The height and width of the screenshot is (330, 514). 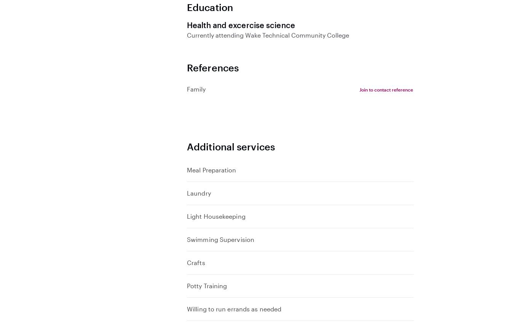 What do you see at coordinates (206, 285) in the screenshot?
I see `'Potty Training'` at bounding box center [206, 285].